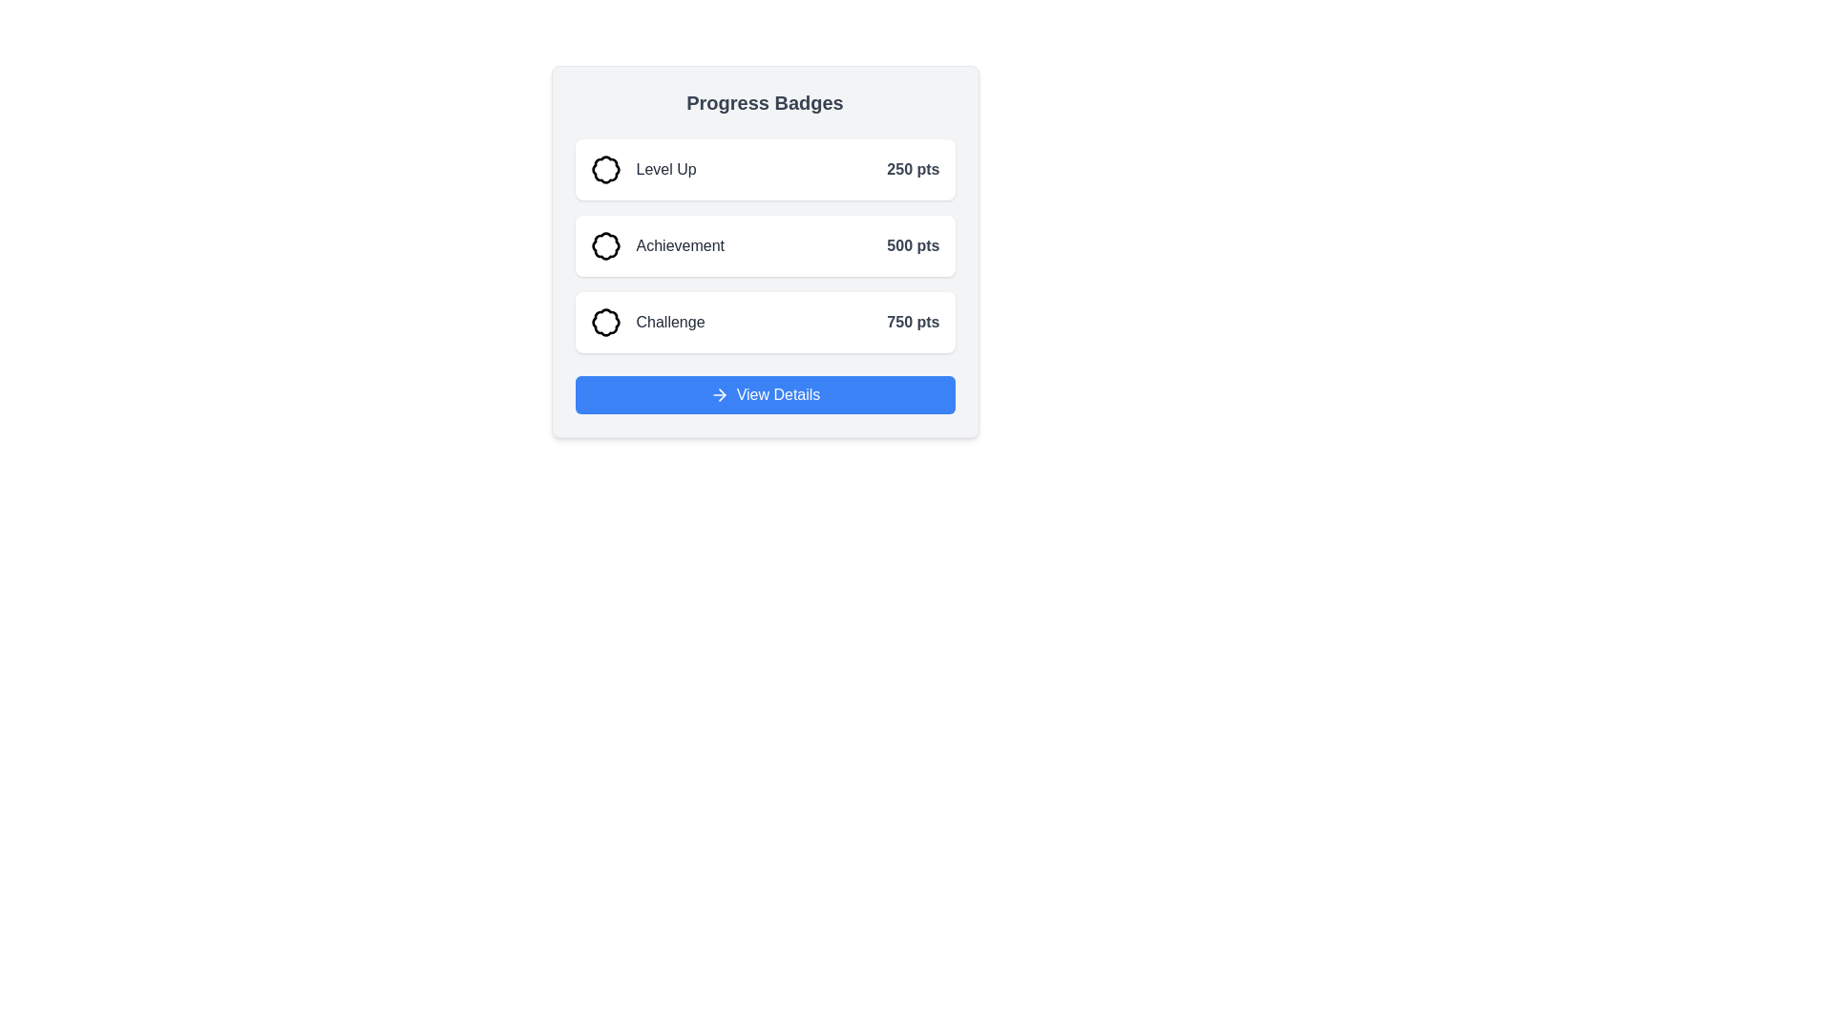 The image size is (1833, 1031). Describe the element at coordinates (643, 168) in the screenshot. I see `the 'Level Up' badge item representing a progress achievement with a point value of '250 pts' for context menu options` at that location.